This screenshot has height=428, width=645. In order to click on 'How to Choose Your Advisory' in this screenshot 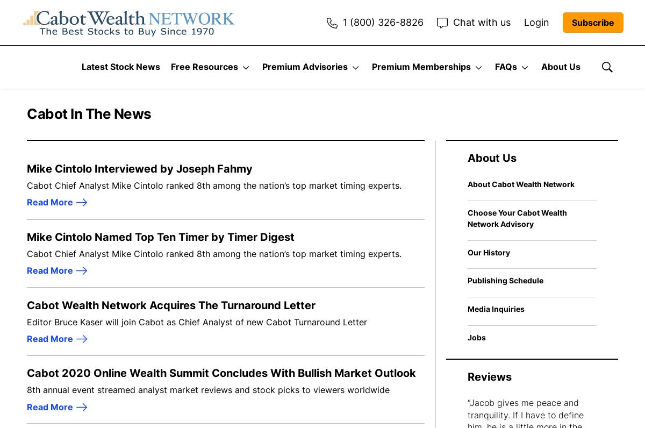, I will do `click(546, 107)`.